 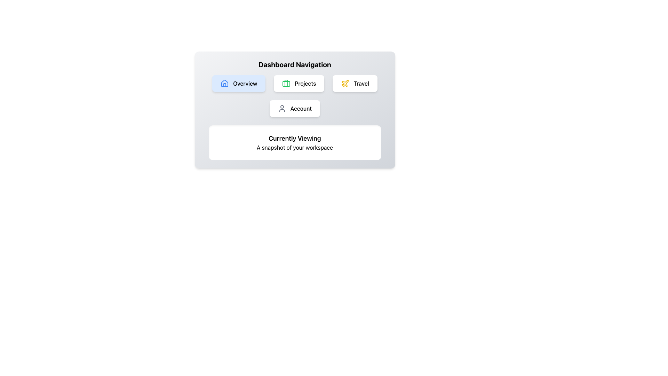 I want to click on the 'Account' button icon located on the left side of the button in the navigation menu, so click(x=282, y=109).